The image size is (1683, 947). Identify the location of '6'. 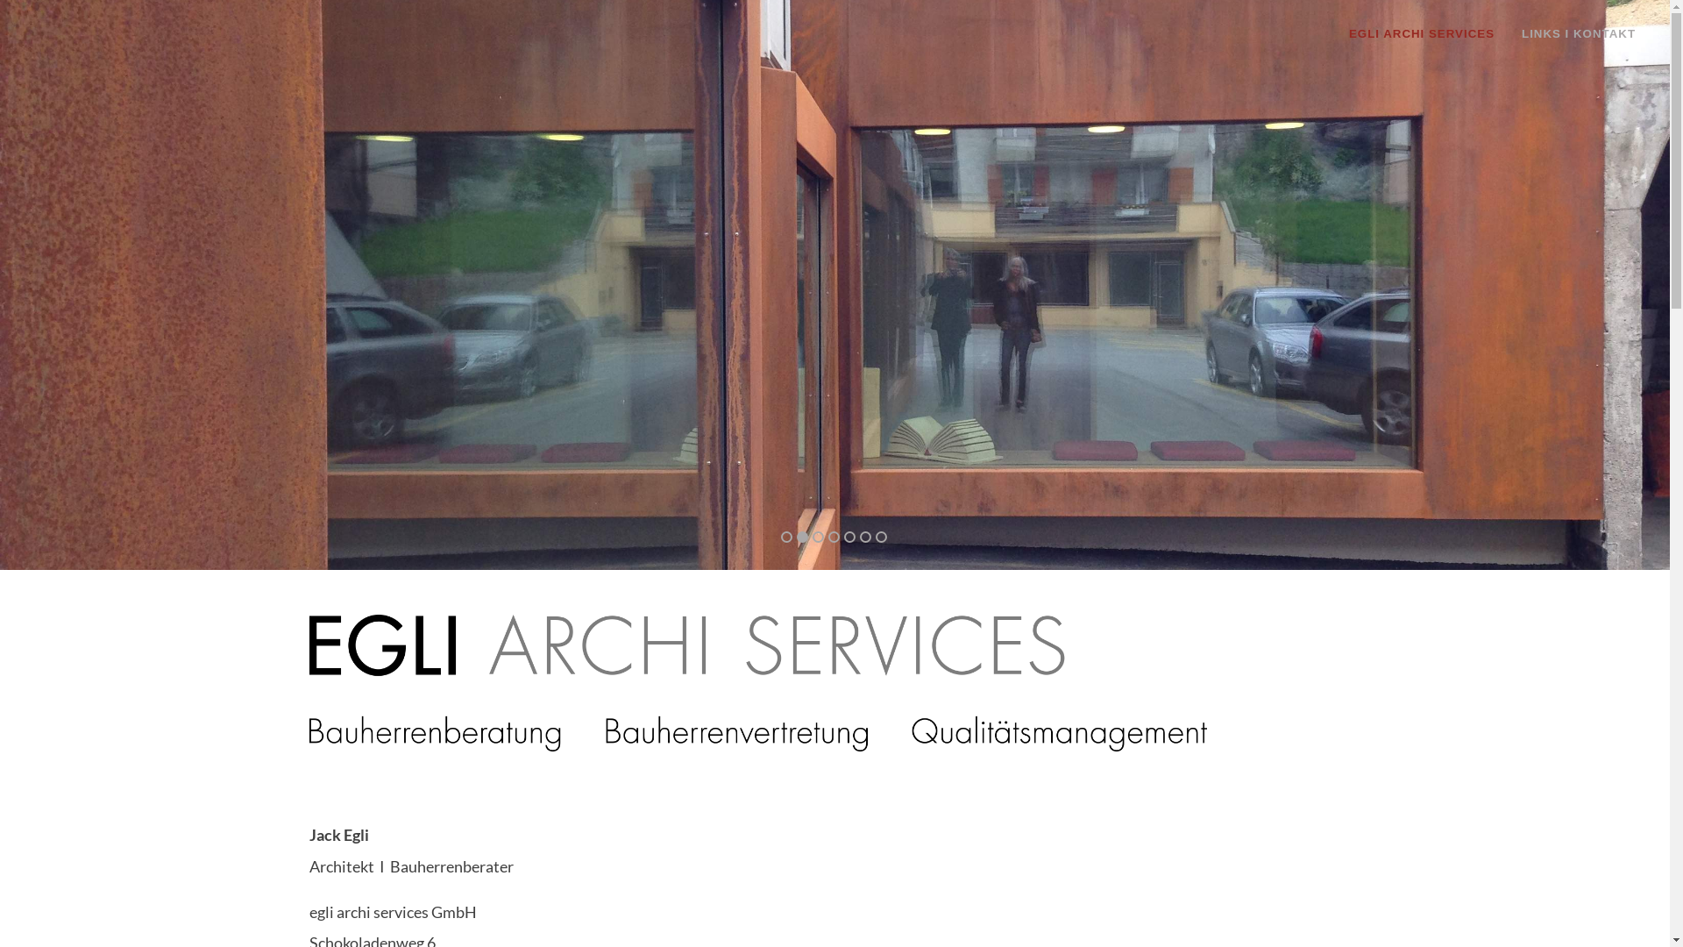
(859, 536).